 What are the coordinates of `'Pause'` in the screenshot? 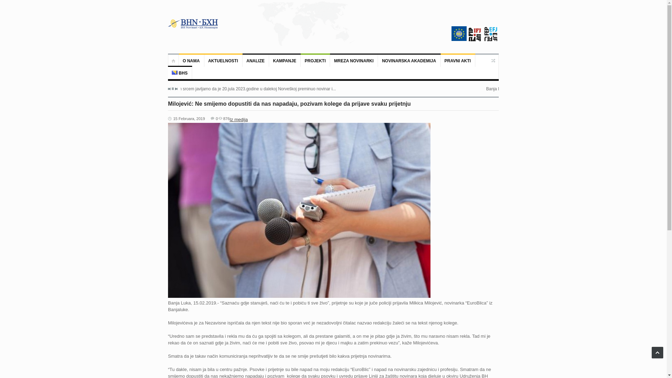 It's located at (171, 88).